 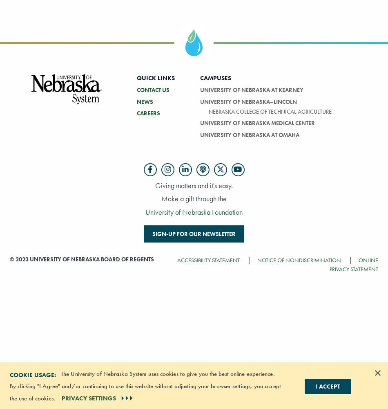 I want to click on 'Giving matters and it's easy.', so click(x=194, y=184).